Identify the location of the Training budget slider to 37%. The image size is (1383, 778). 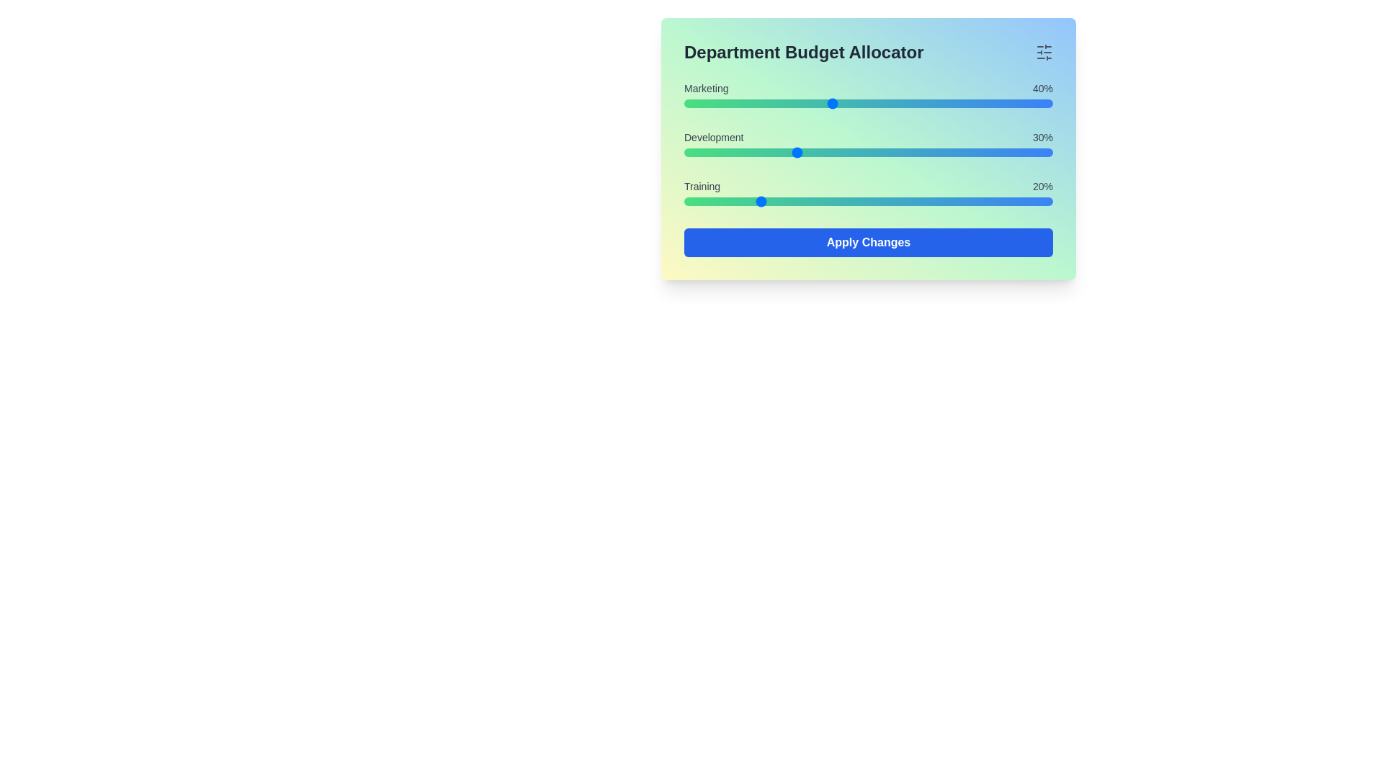
(820, 202).